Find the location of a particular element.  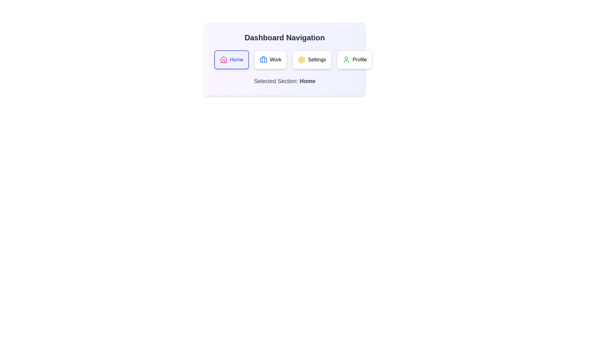

the text label that represents the navigation button for the home or main dashboard section, which is centrally positioned within the first section of a horizontal list of navigation items and aligned to the right of a house icon is located at coordinates (236, 59).